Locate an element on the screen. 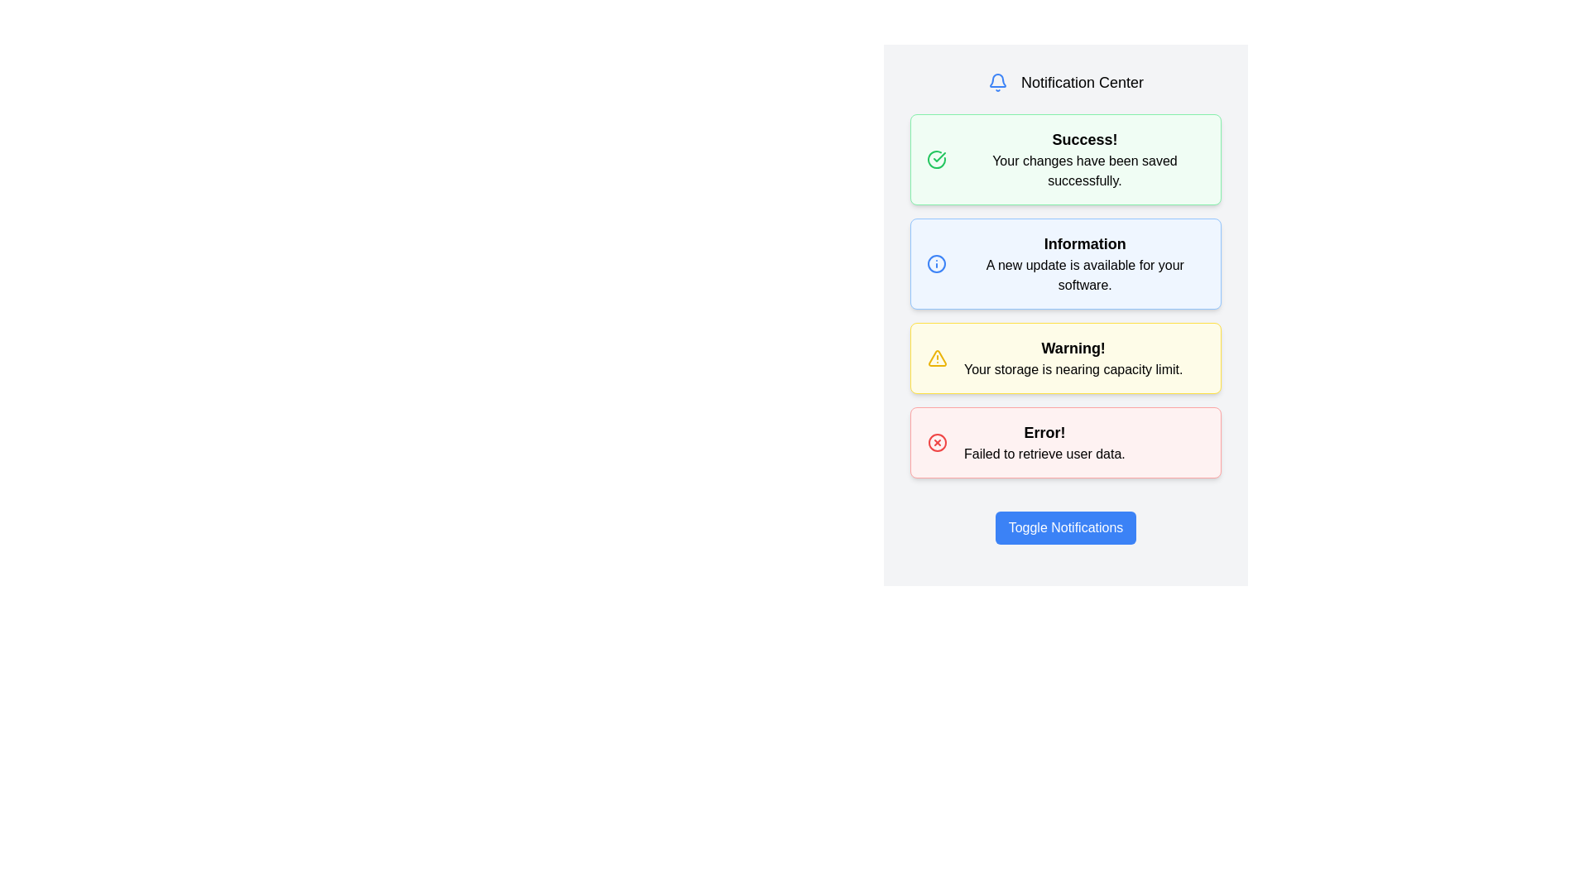  the red circular icon with a white 'X' symbol, located in the fourth notification card labeled 'Error!', situated to the left of the 'Error!' text is located at coordinates (937, 442).